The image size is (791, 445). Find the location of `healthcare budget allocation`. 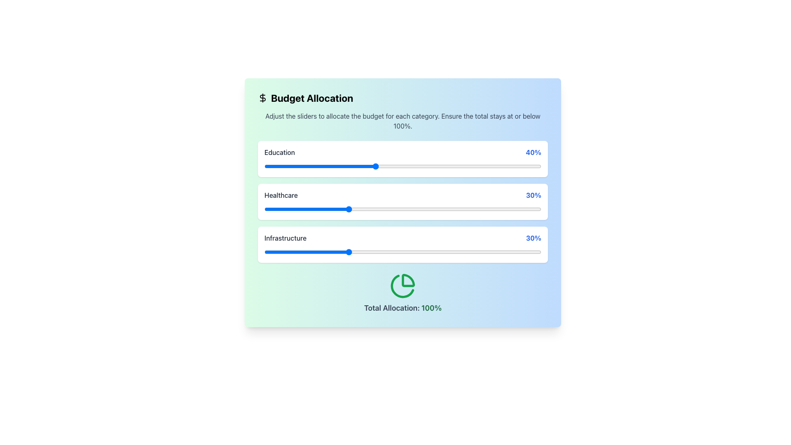

healthcare budget allocation is located at coordinates (295, 209).